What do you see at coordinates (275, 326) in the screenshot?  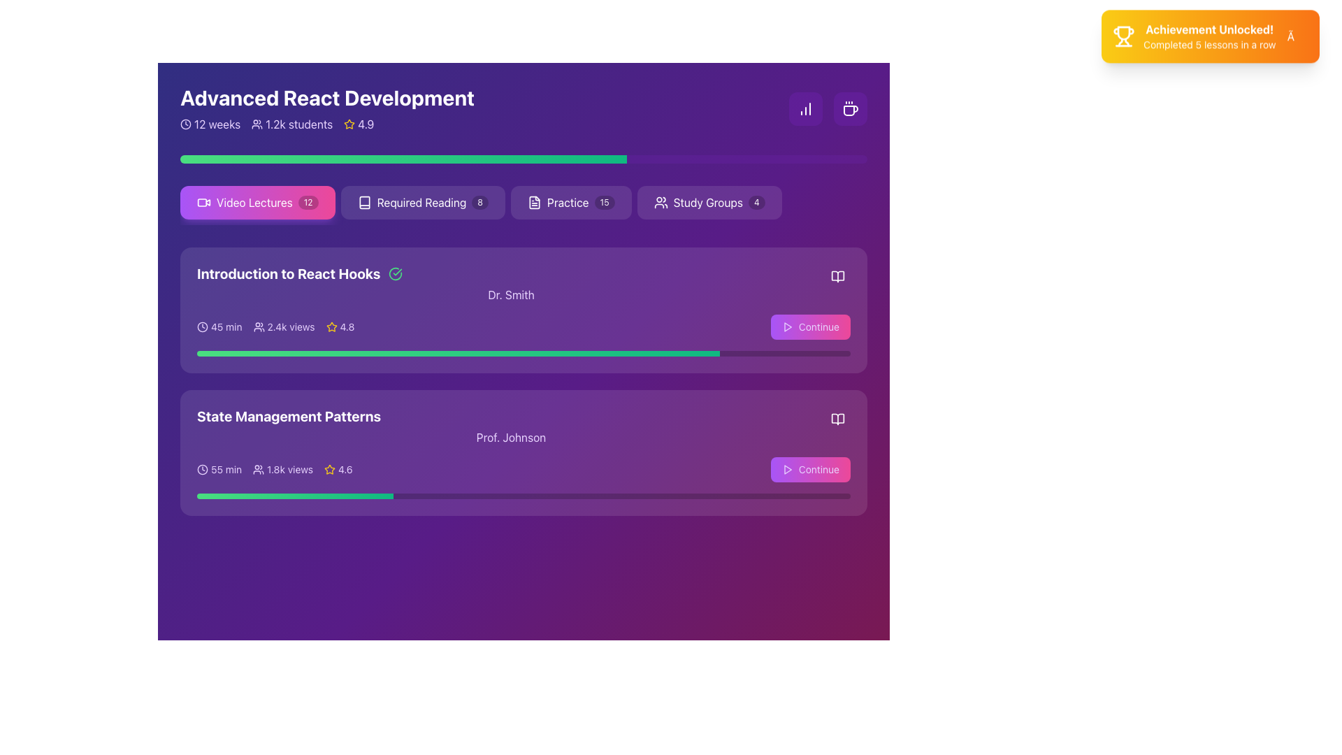 I see `the Information Display Group that summarizes details related to the 'Introduction to React Hooks' section, which includes video duration, views, and rating` at bounding box center [275, 326].